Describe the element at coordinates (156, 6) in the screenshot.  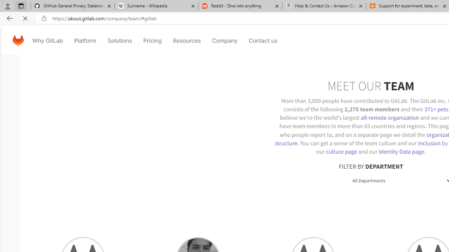
I see `'Suriname - Wikipedia'` at that location.